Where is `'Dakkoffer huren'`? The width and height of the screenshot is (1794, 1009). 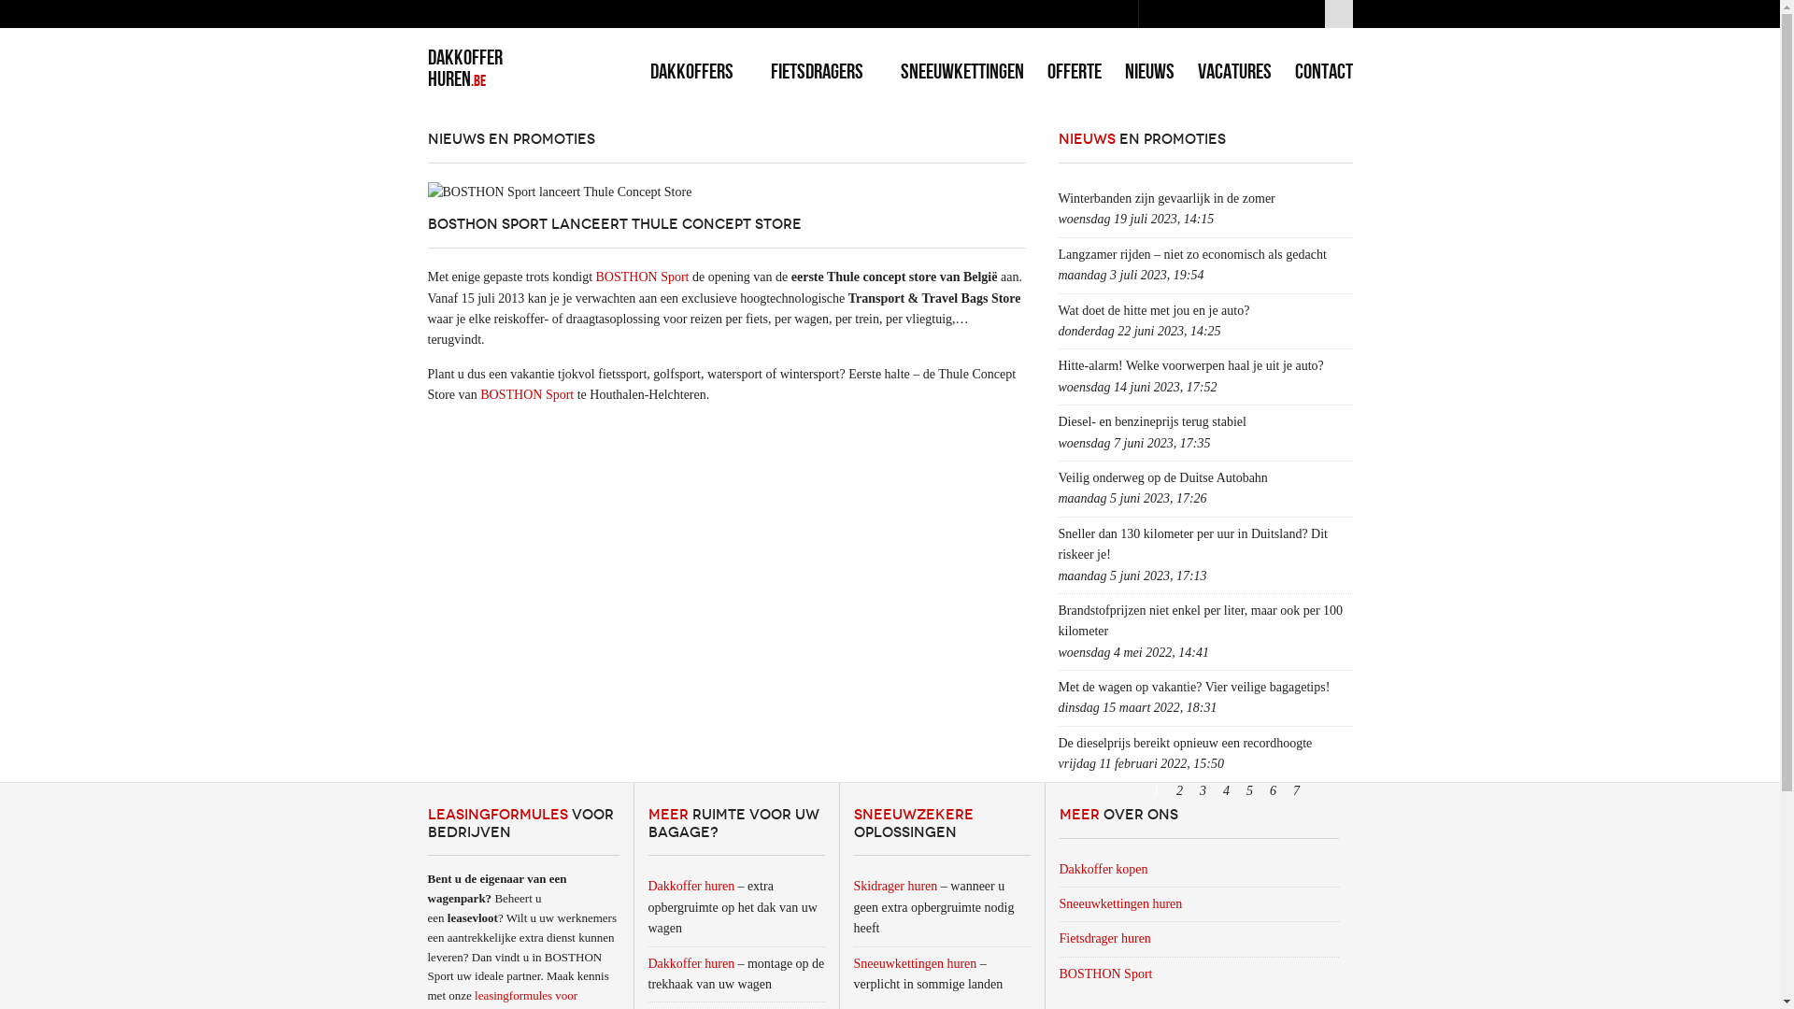 'Dakkoffer huren' is located at coordinates (691, 963).